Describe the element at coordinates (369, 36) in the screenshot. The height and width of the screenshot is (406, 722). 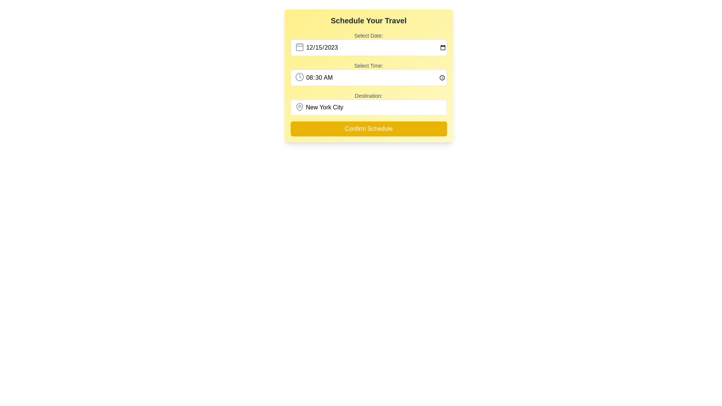
I see `the label that reads 'Select Date:' which is styled in a small, medium-weight font and is located at the top of the date input field within a yellow-themed scheduling widget` at that location.